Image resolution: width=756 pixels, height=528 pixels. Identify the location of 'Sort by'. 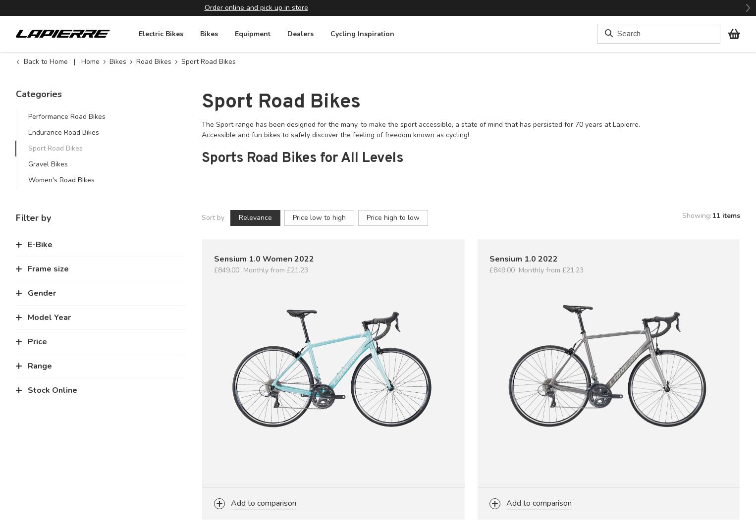
(201, 217).